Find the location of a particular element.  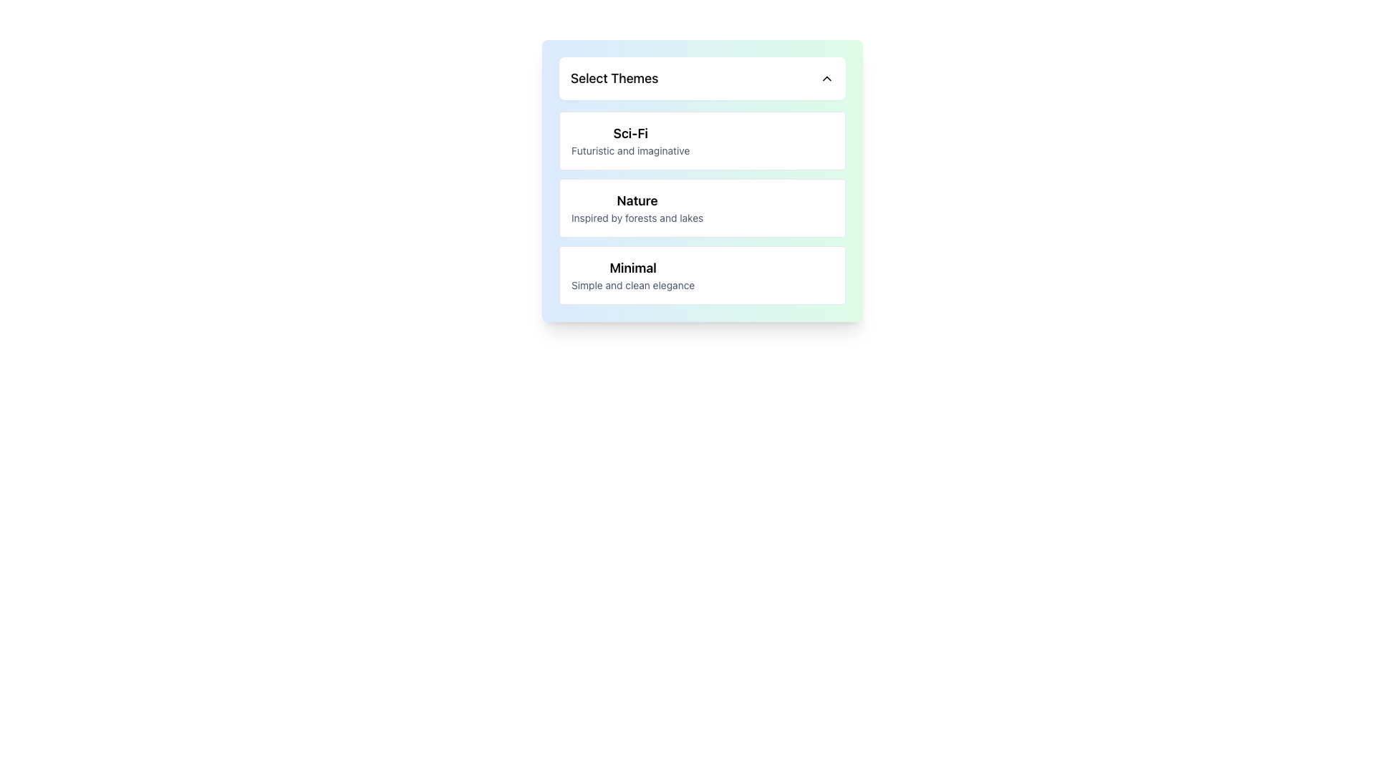

the 'Select Themes' dropdown selector is located at coordinates (702, 79).